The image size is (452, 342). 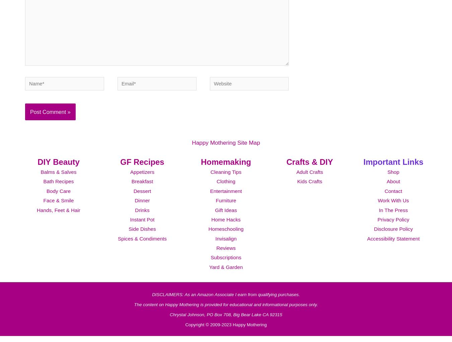 I want to click on 'Balms & Salves', so click(x=40, y=181).